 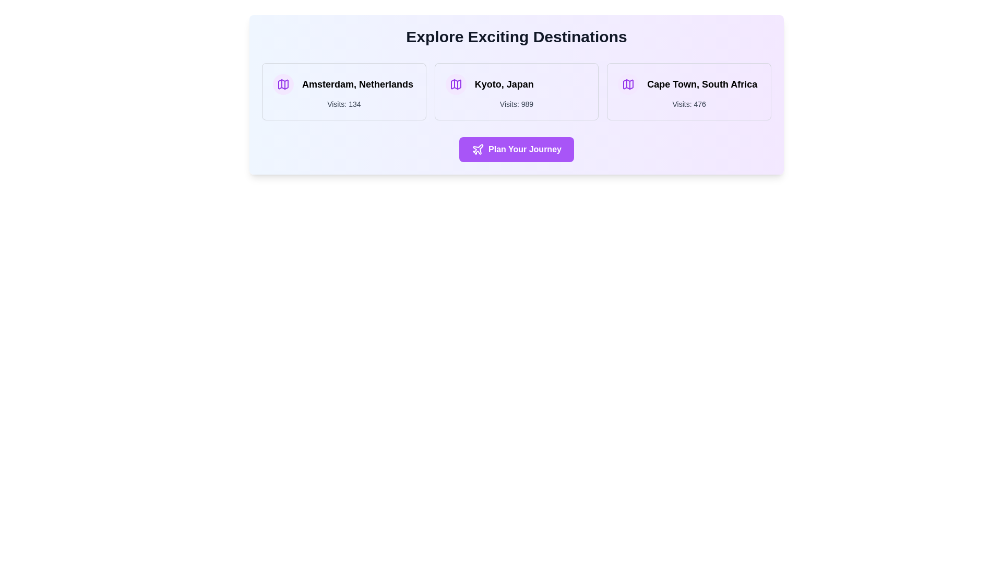 I want to click on the travel destination card for Kyoto, Japan, so click(x=516, y=91).